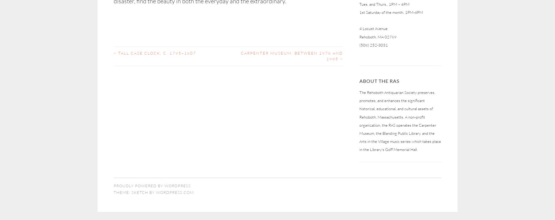 This screenshot has width=555, height=220. What do you see at coordinates (379, 80) in the screenshot?
I see `'About the RAS'` at bounding box center [379, 80].